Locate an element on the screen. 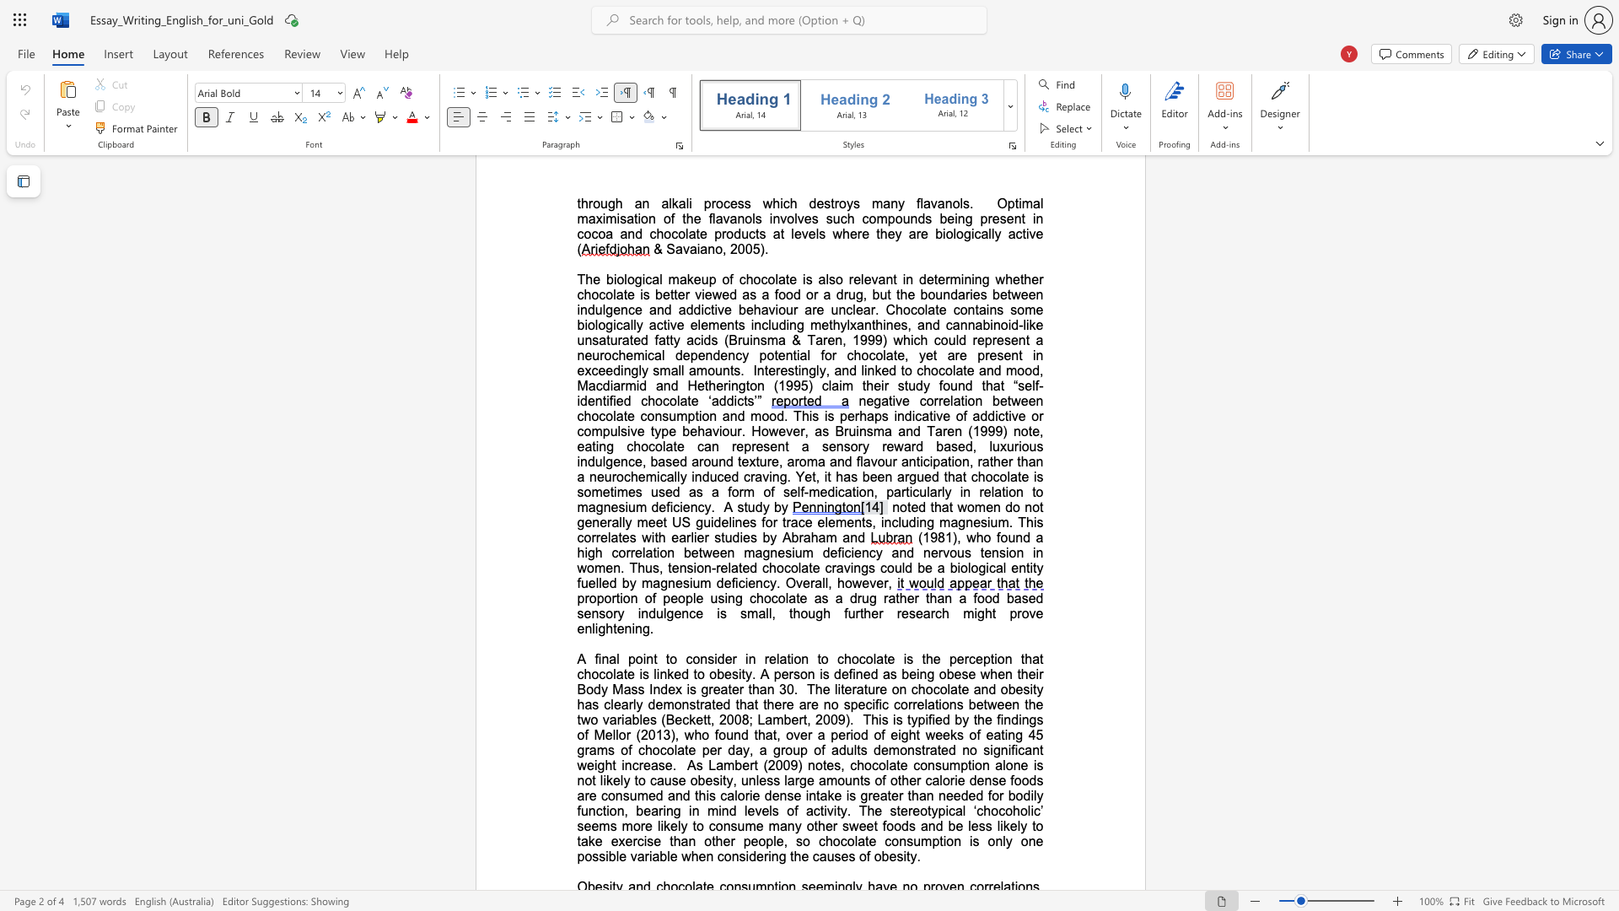 The width and height of the screenshot is (1619, 911). the subset text "ate" within the text "demonstrated" is located at coordinates (704, 704).